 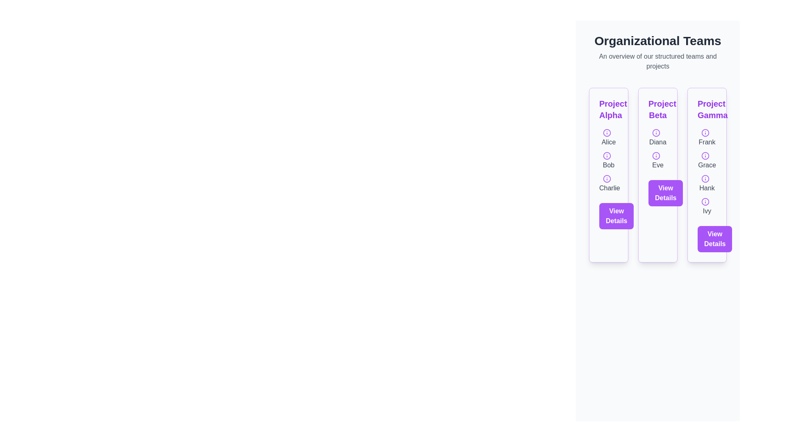 I want to click on the circular outline icon next to 'Hank' in the 'Project Gamma' section, so click(x=705, y=178).